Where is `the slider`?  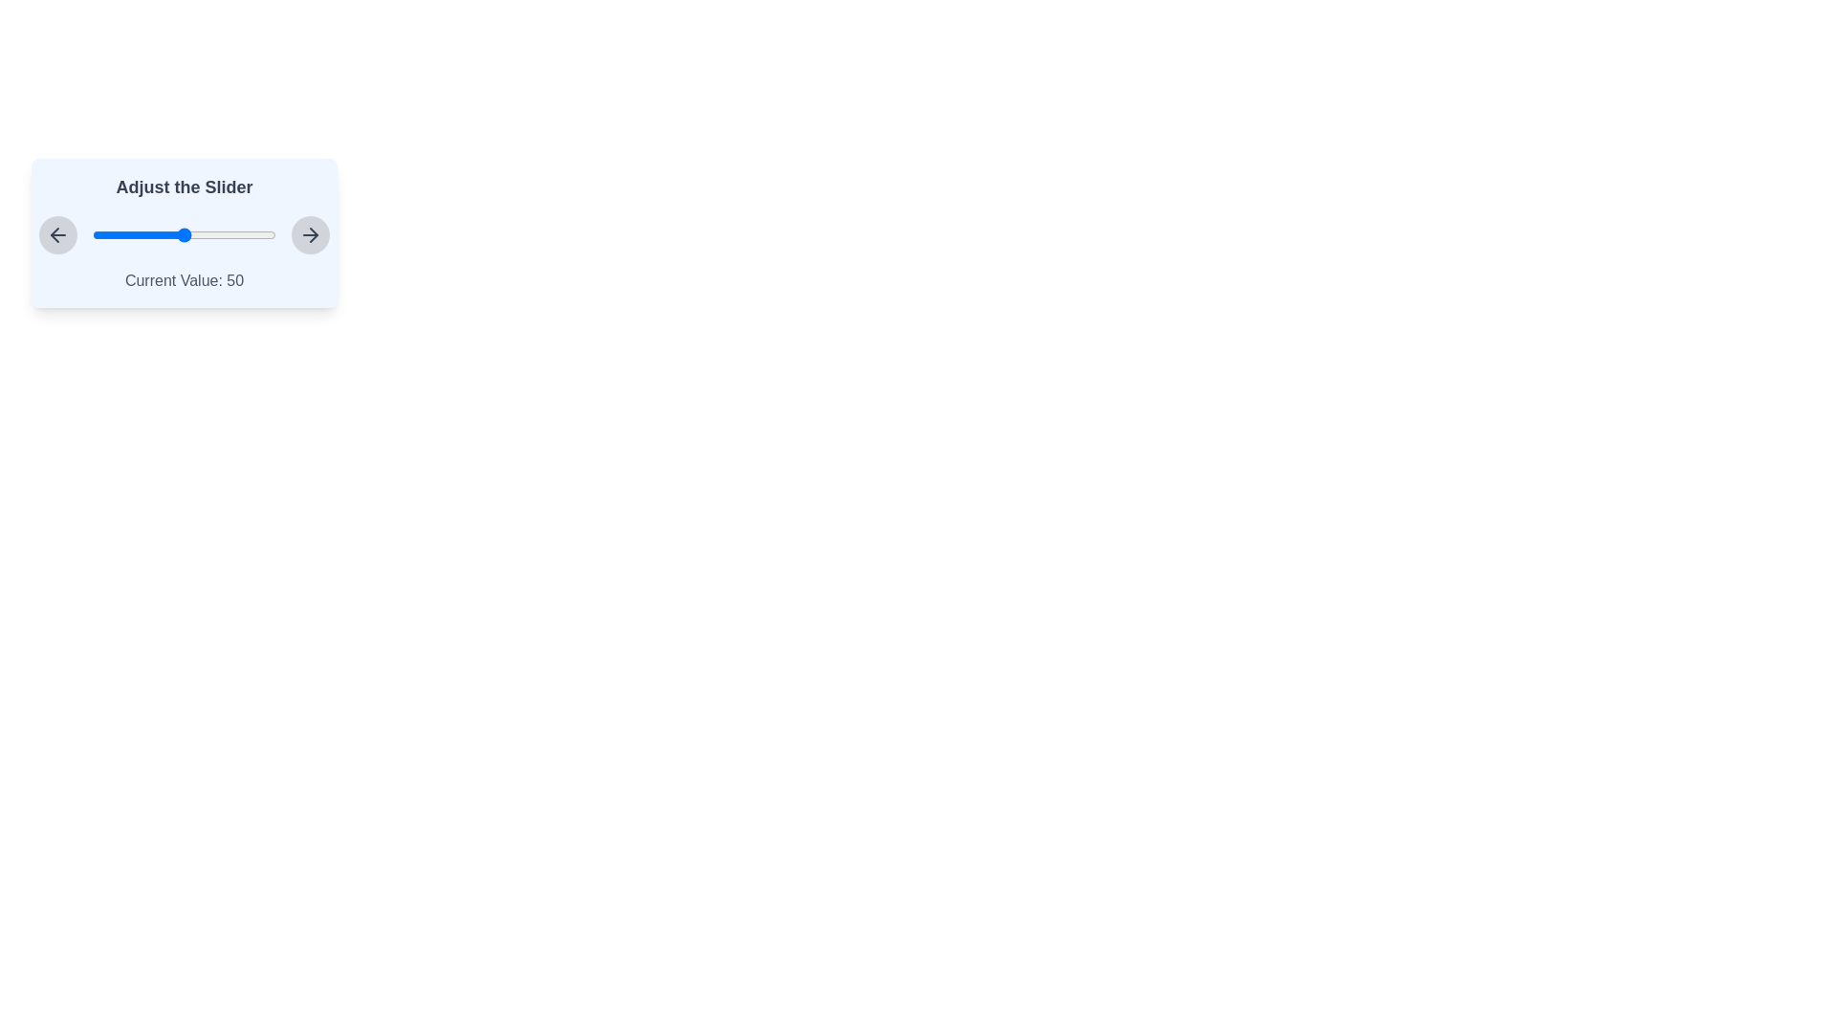
the slider is located at coordinates (124, 234).